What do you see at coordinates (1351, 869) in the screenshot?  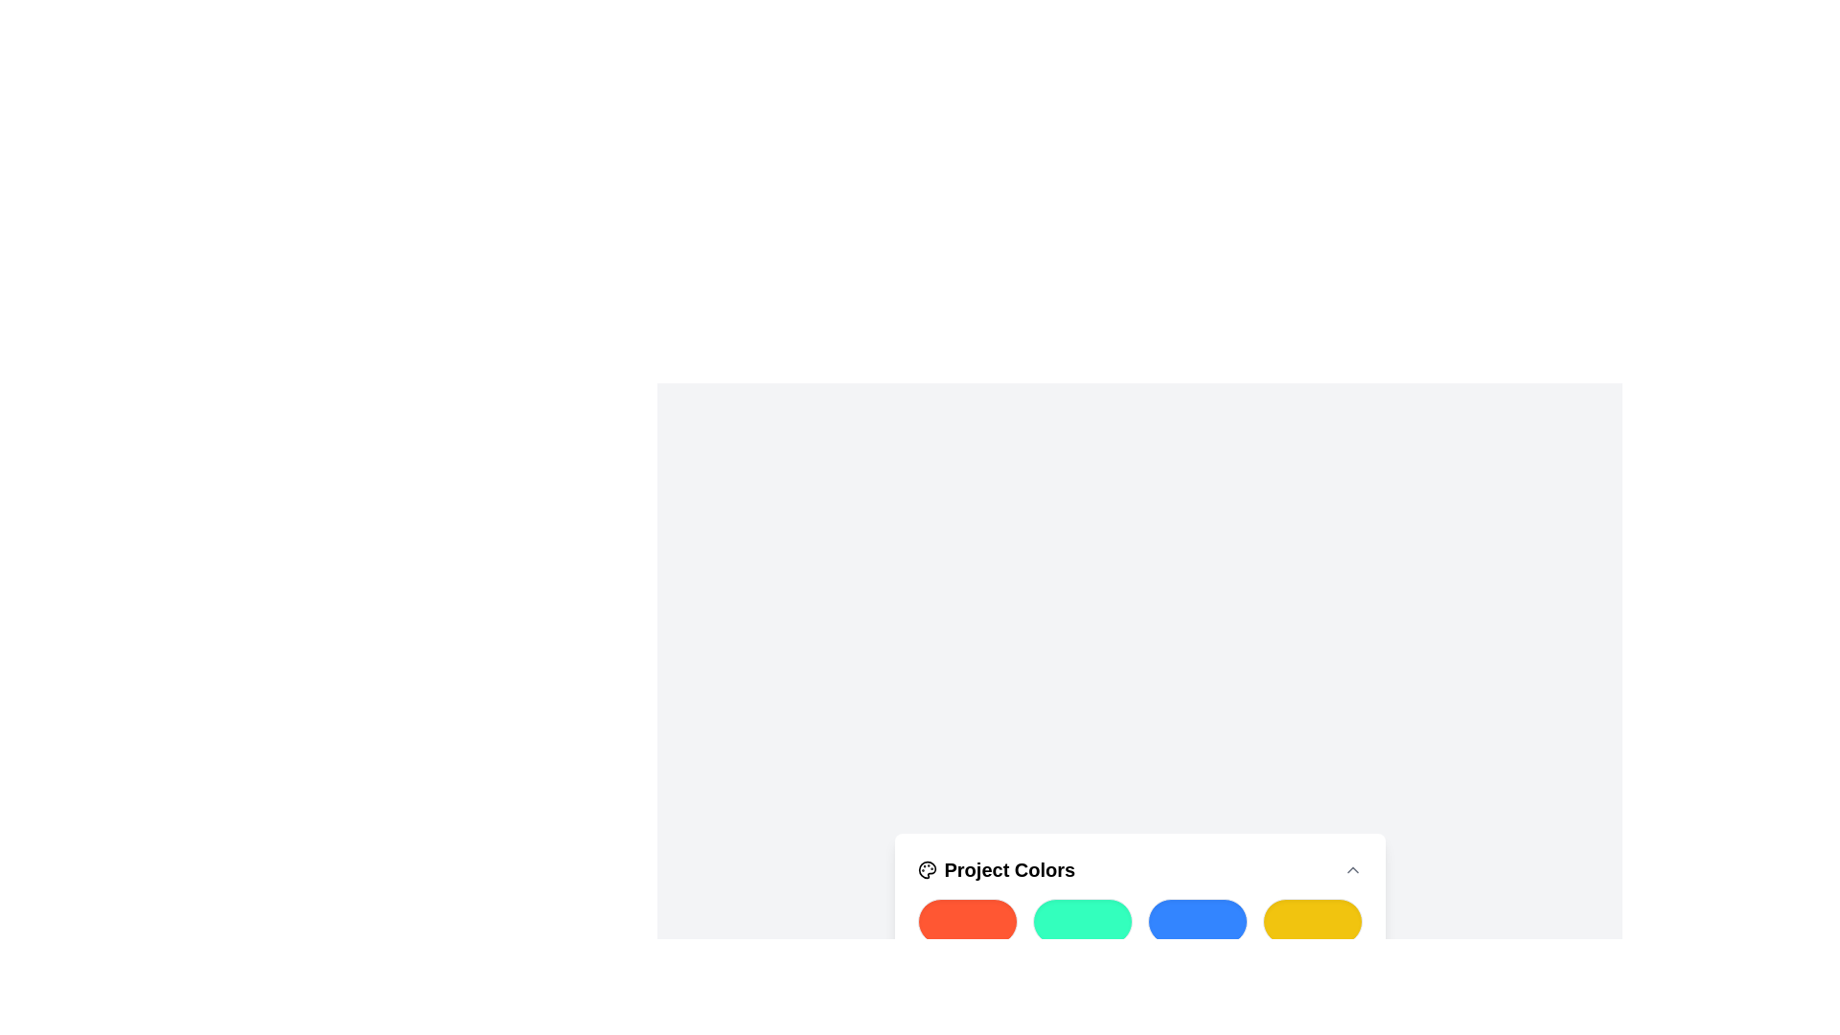 I see `the small upward arrow icon located in the bottom-right corner of the interface, adjacent to the 'Project Colors' title` at bounding box center [1351, 869].